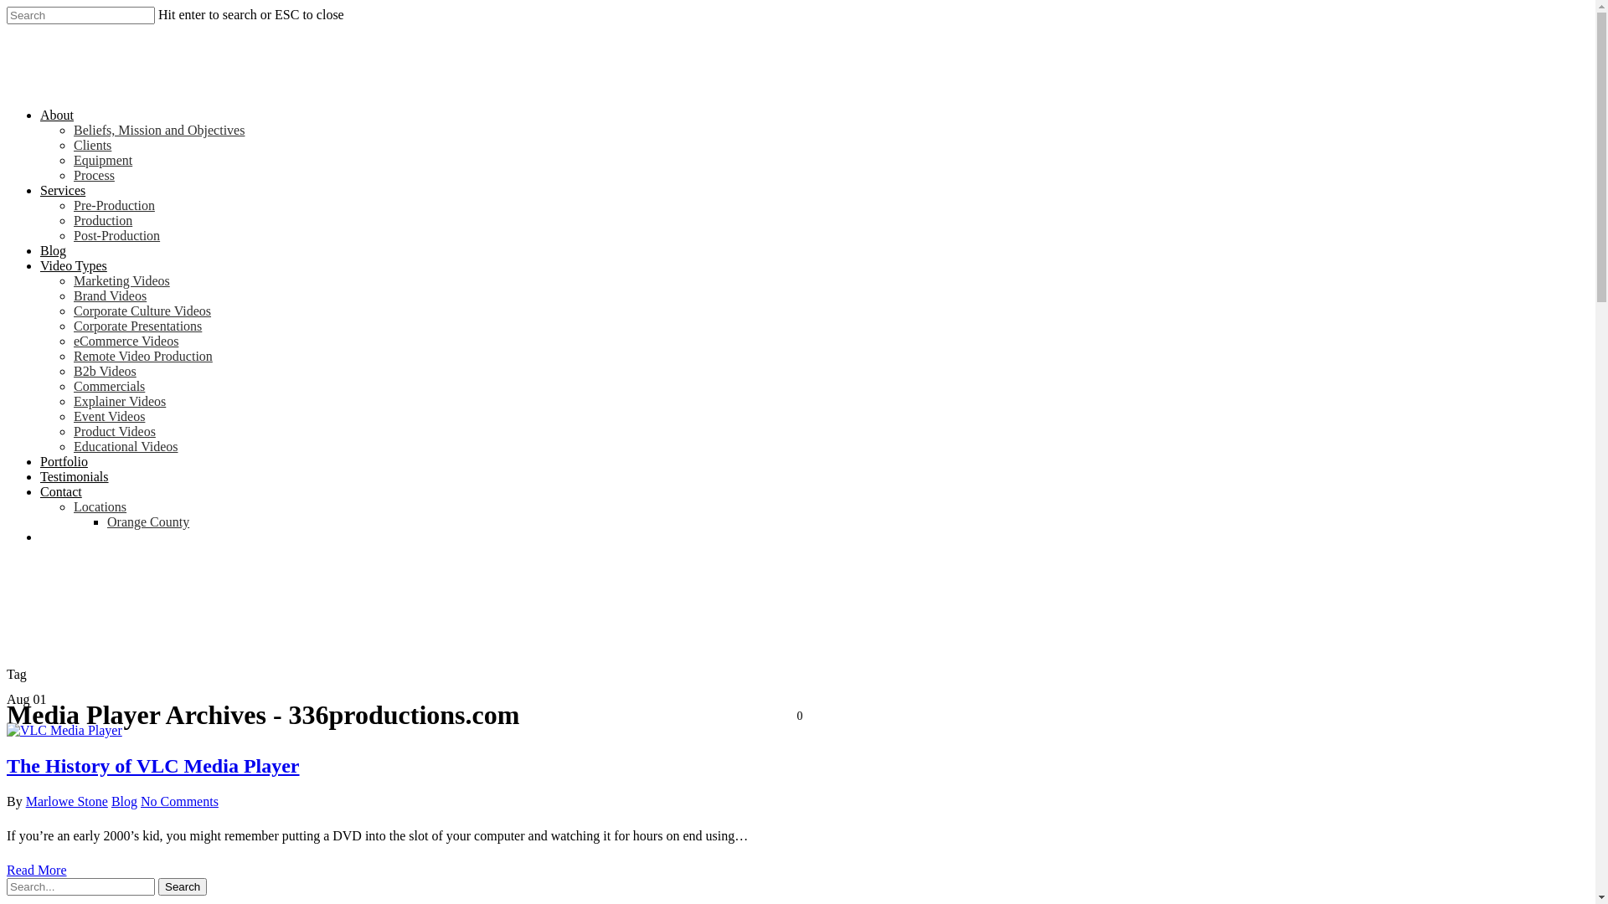  I want to click on 'Beliefs, Mission and Objectives', so click(159, 129).